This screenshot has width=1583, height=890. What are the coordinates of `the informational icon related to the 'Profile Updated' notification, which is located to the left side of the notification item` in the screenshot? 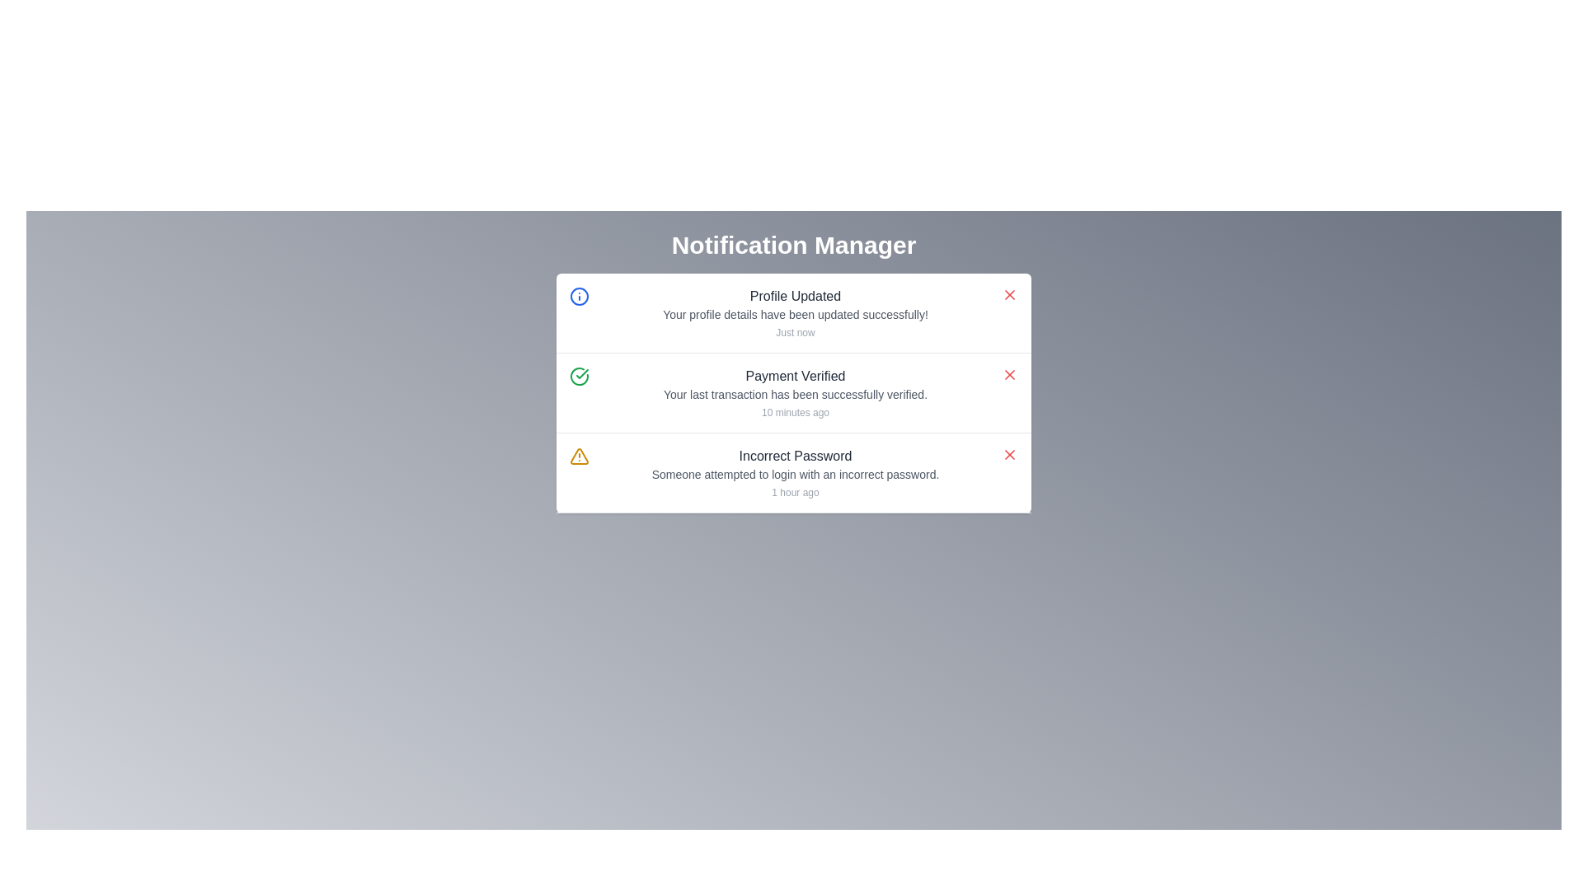 It's located at (579, 295).